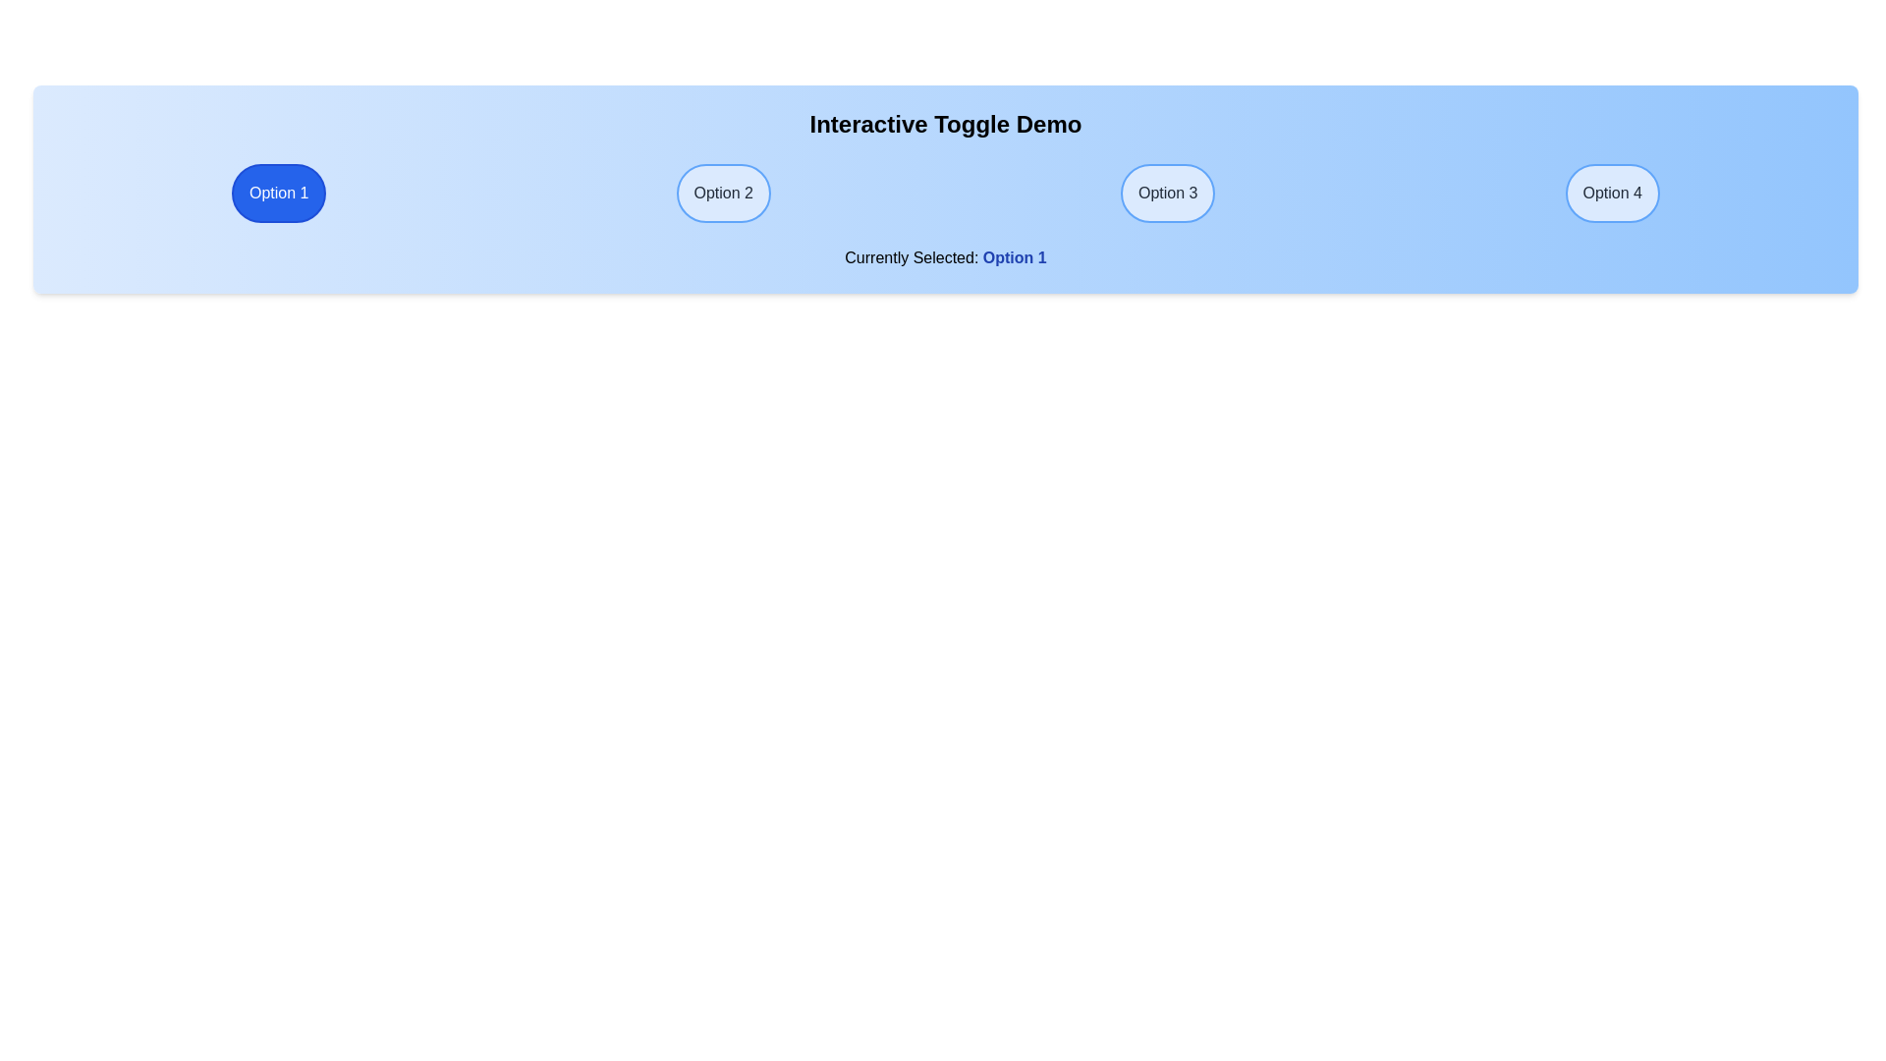 The image size is (1886, 1061). I want to click on the option Option 4 to select it, so click(1612, 193).